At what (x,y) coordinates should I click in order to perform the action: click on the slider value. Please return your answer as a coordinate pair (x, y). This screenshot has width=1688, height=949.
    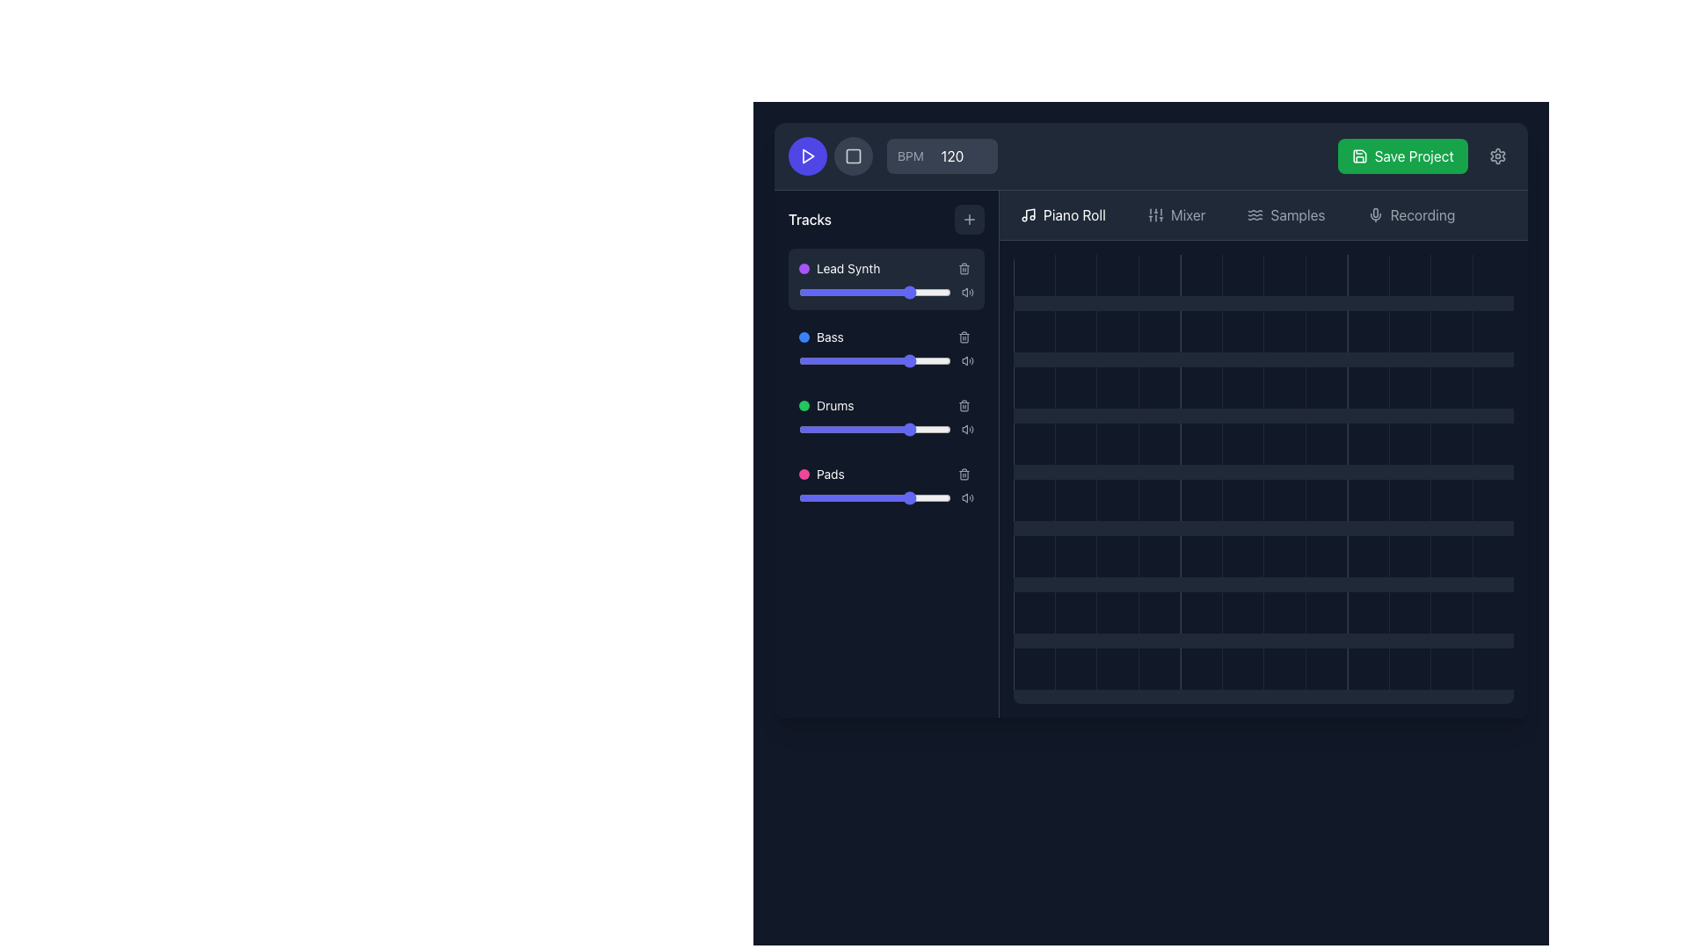
    Looking at the image, I should click on (838, 360).